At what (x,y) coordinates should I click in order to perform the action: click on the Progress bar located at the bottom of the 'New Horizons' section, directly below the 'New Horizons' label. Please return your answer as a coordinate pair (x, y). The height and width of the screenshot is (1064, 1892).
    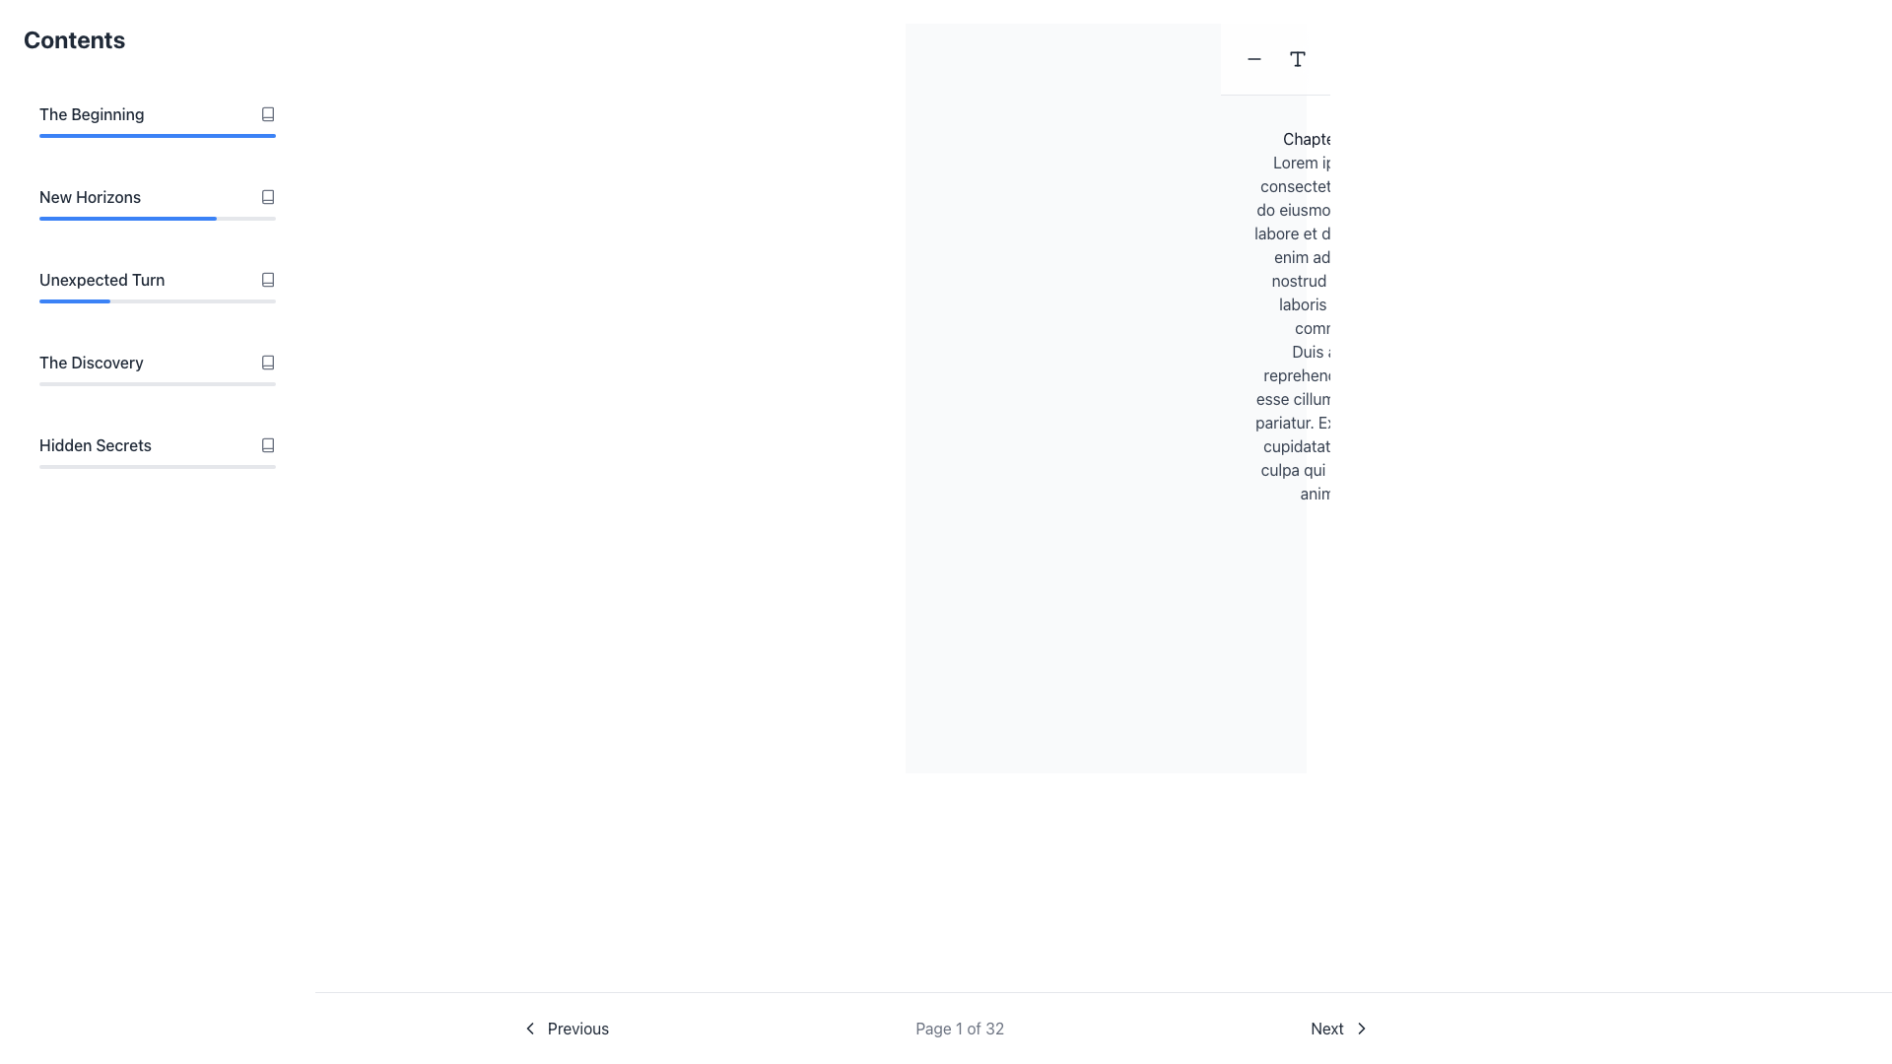
    Looking at the image, I should click on (156, 219).